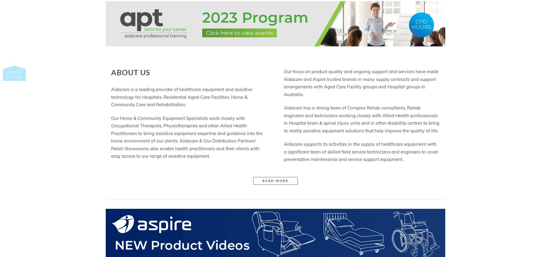 Image resolution: width=551 pixels, height=257 pixels. What do you see at coordinates (180, 125) in the screenshot?
I see `'Physiotherapists'` at bounding box center [180, 125].